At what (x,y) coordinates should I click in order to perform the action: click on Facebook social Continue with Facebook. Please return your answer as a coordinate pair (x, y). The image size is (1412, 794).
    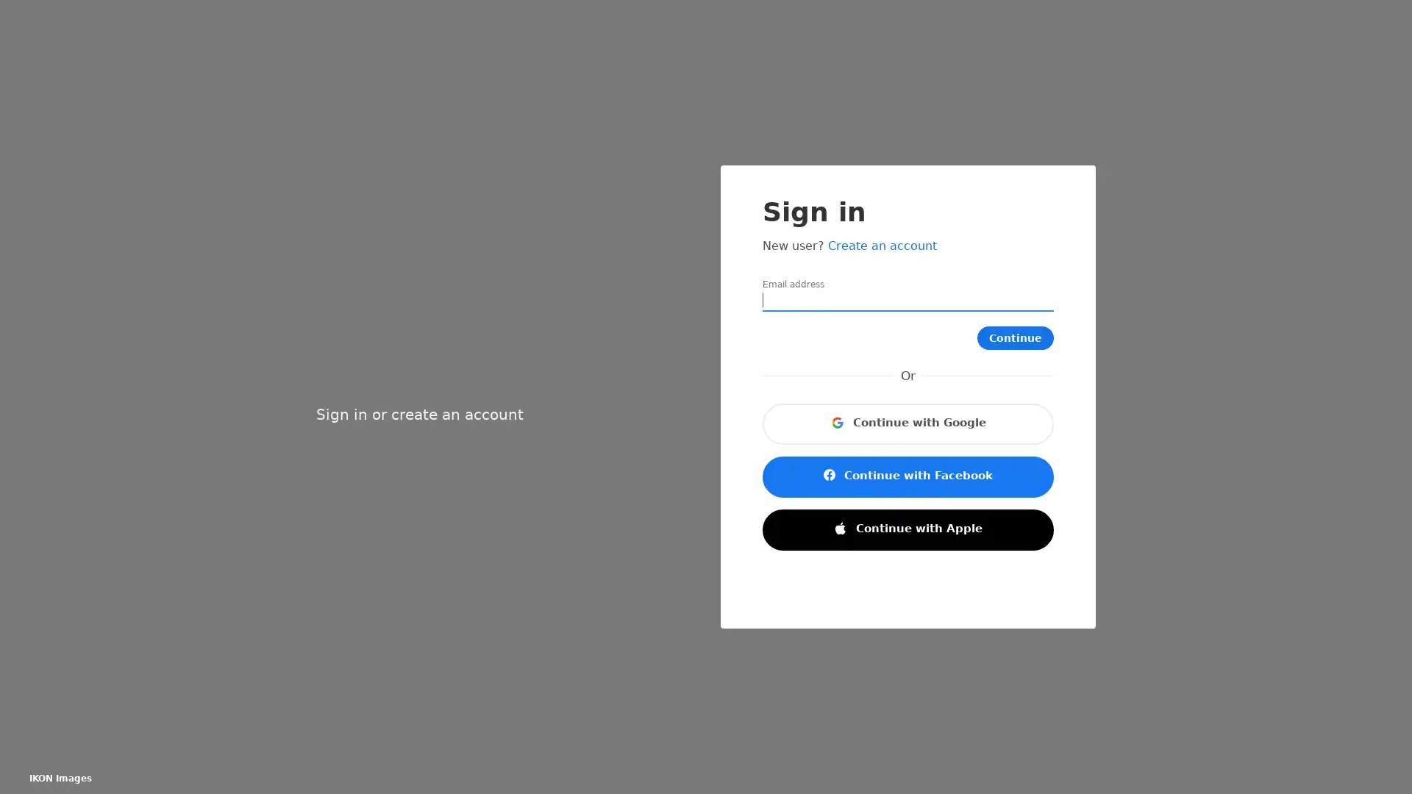
    Looking at the image, I should click on (907, 476).